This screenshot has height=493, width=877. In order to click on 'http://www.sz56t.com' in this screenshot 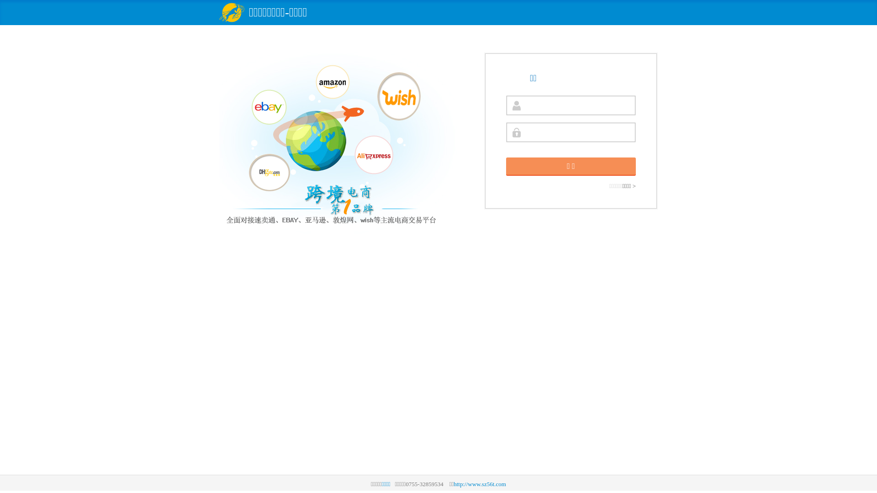, I will do `click(454, 483)`.